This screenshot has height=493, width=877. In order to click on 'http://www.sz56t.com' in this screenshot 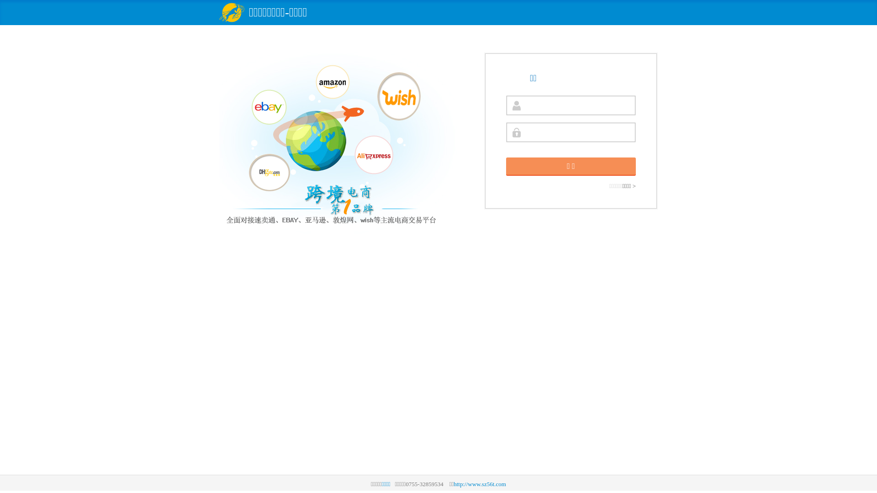, I will do `click(454, 483)`.